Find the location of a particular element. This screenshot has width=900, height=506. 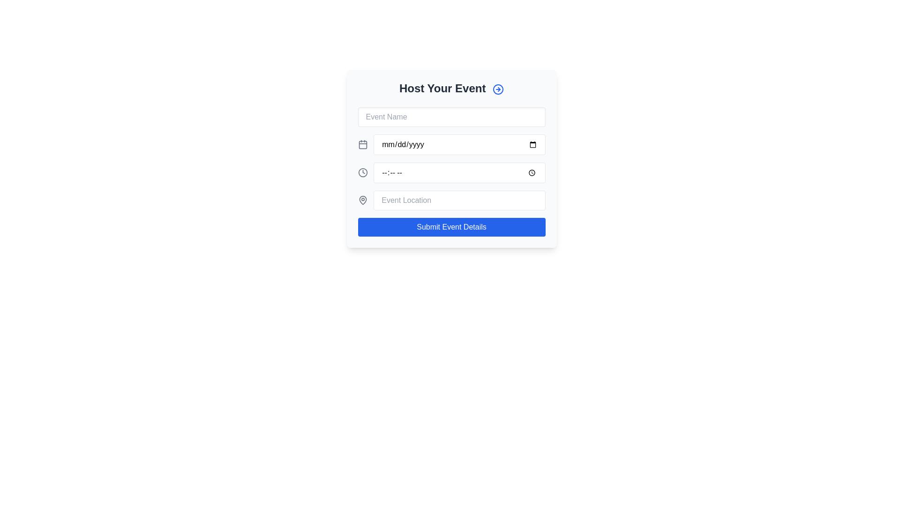

the calendar icon with a gray stroke located to the left of the 'mm/dd/yyyy' date input field in the second input row is located at coordinates (362, 144).